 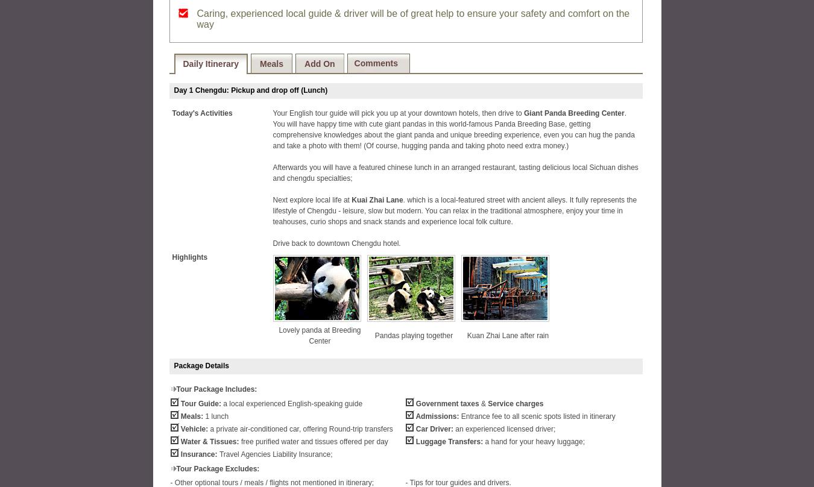 What do you see at coordinates (200, 403) in the screenshot?
I see `'Tour Guide:'` at bounding box center [200, 403].